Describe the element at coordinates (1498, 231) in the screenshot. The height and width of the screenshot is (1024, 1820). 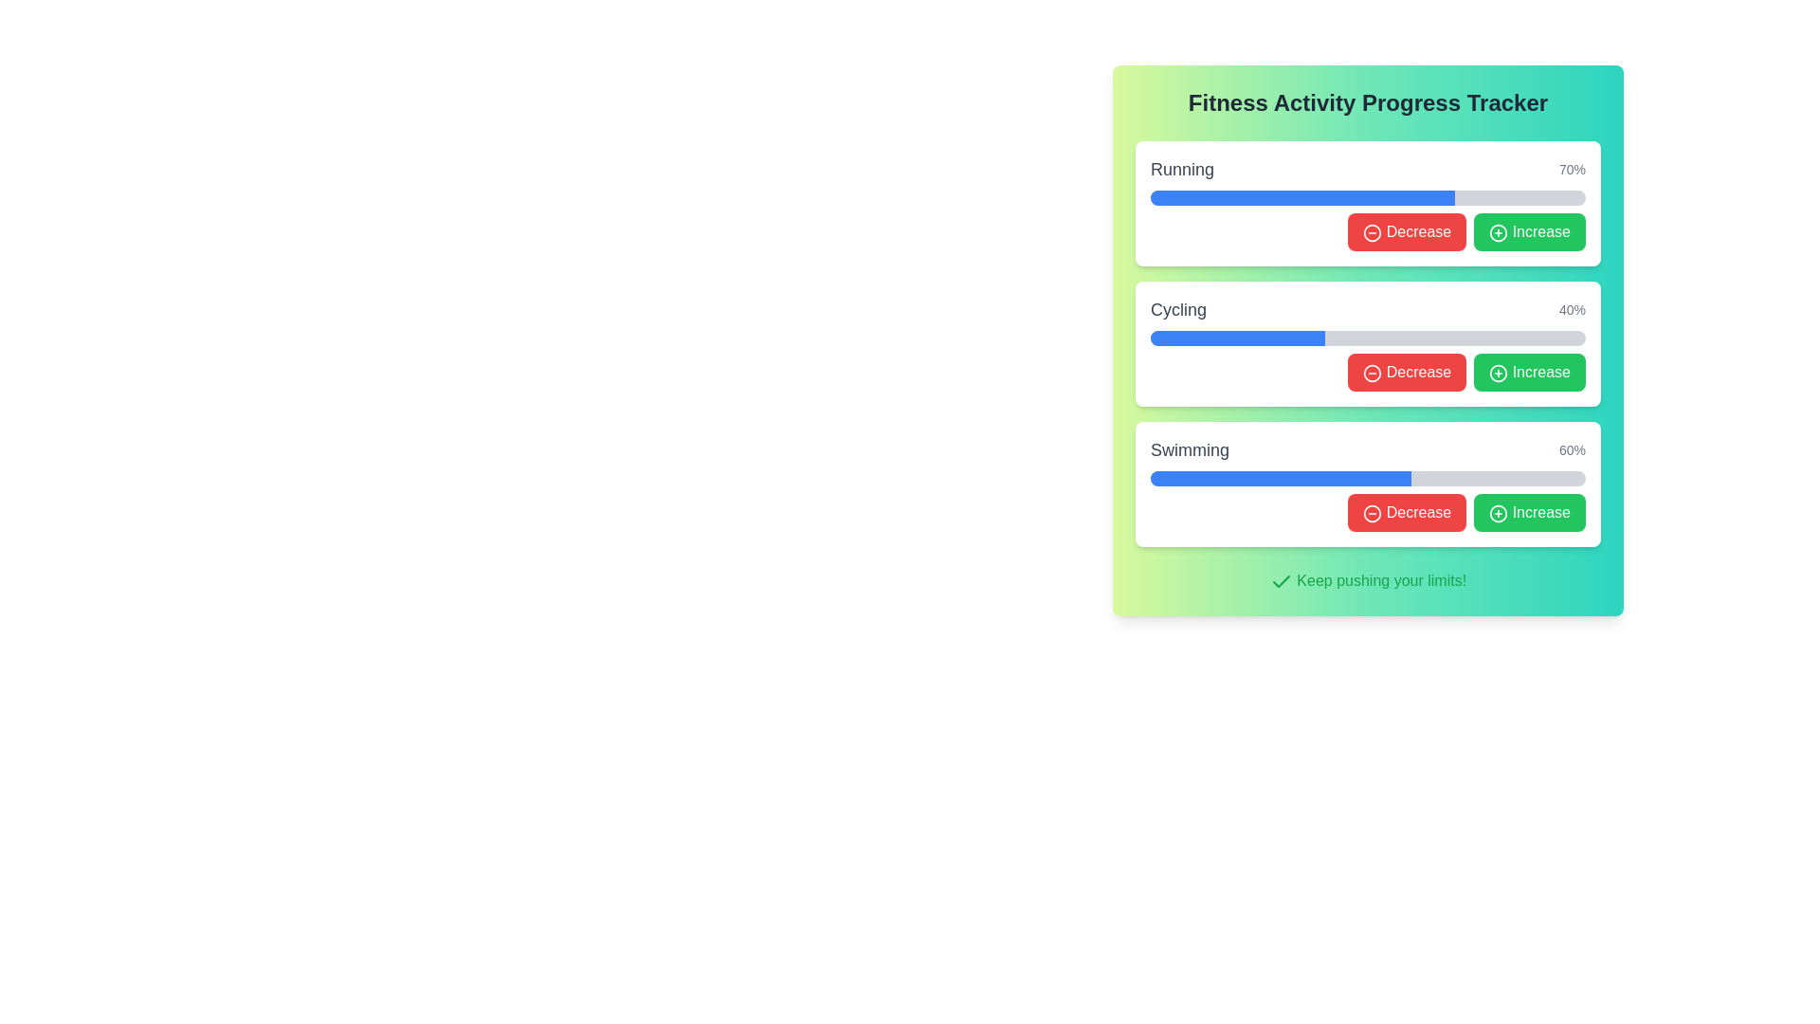
I see `the circular icon that serves as the 'Increase' button for the 'Running' activity progress tracker, located towards the right side of the progress tracker row` at that location.